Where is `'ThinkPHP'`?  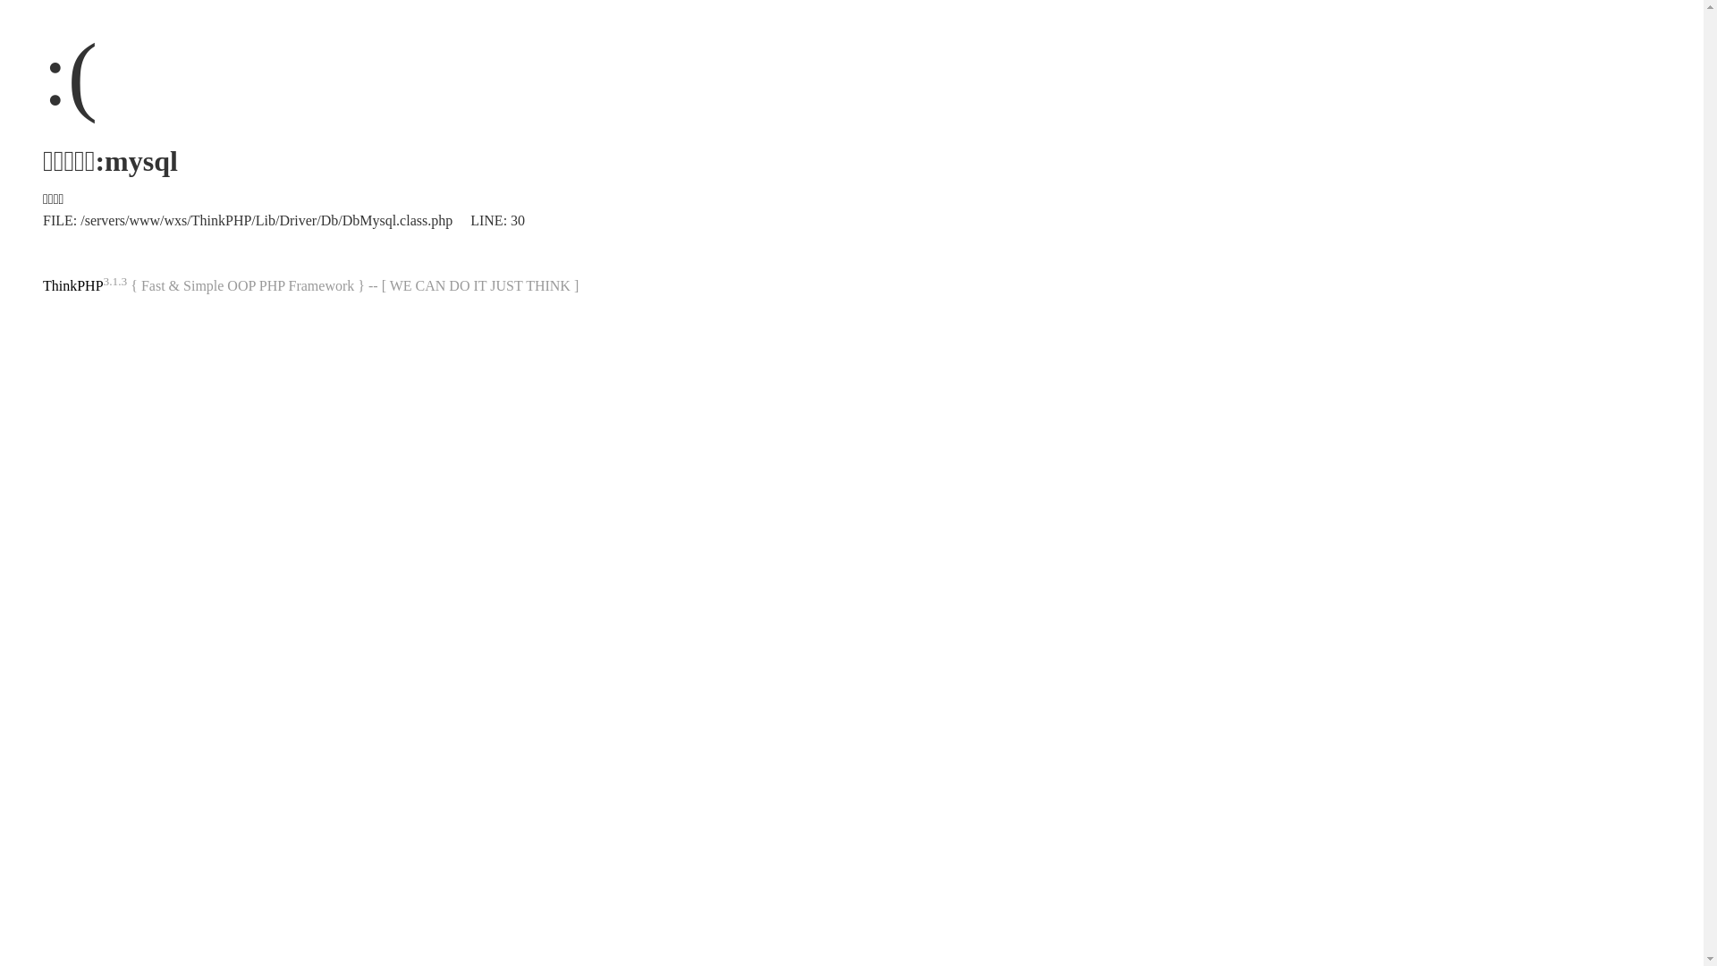
'ThinkPHP' is located at coordinates (72, 284).